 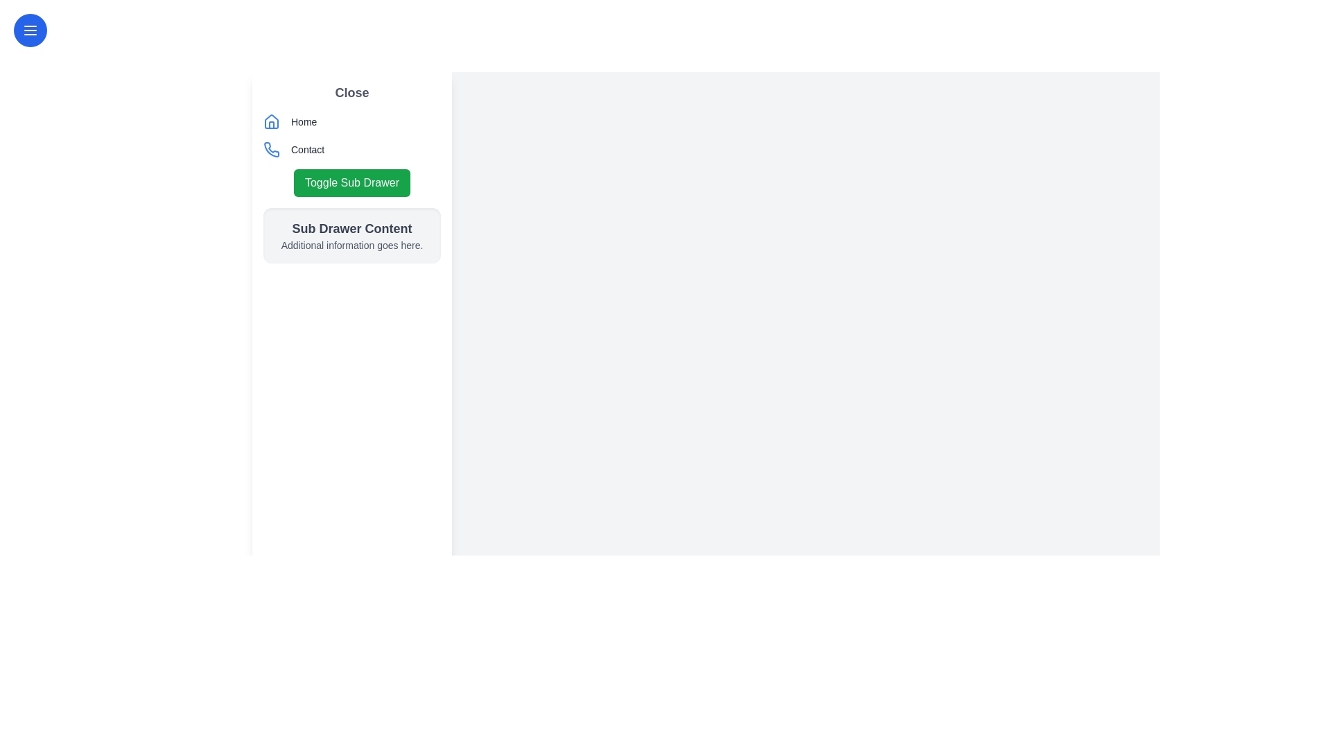 I want to click on the label located beneath the blue phone icon in the left sidebar navigation panel, so click(x=307, y=150).